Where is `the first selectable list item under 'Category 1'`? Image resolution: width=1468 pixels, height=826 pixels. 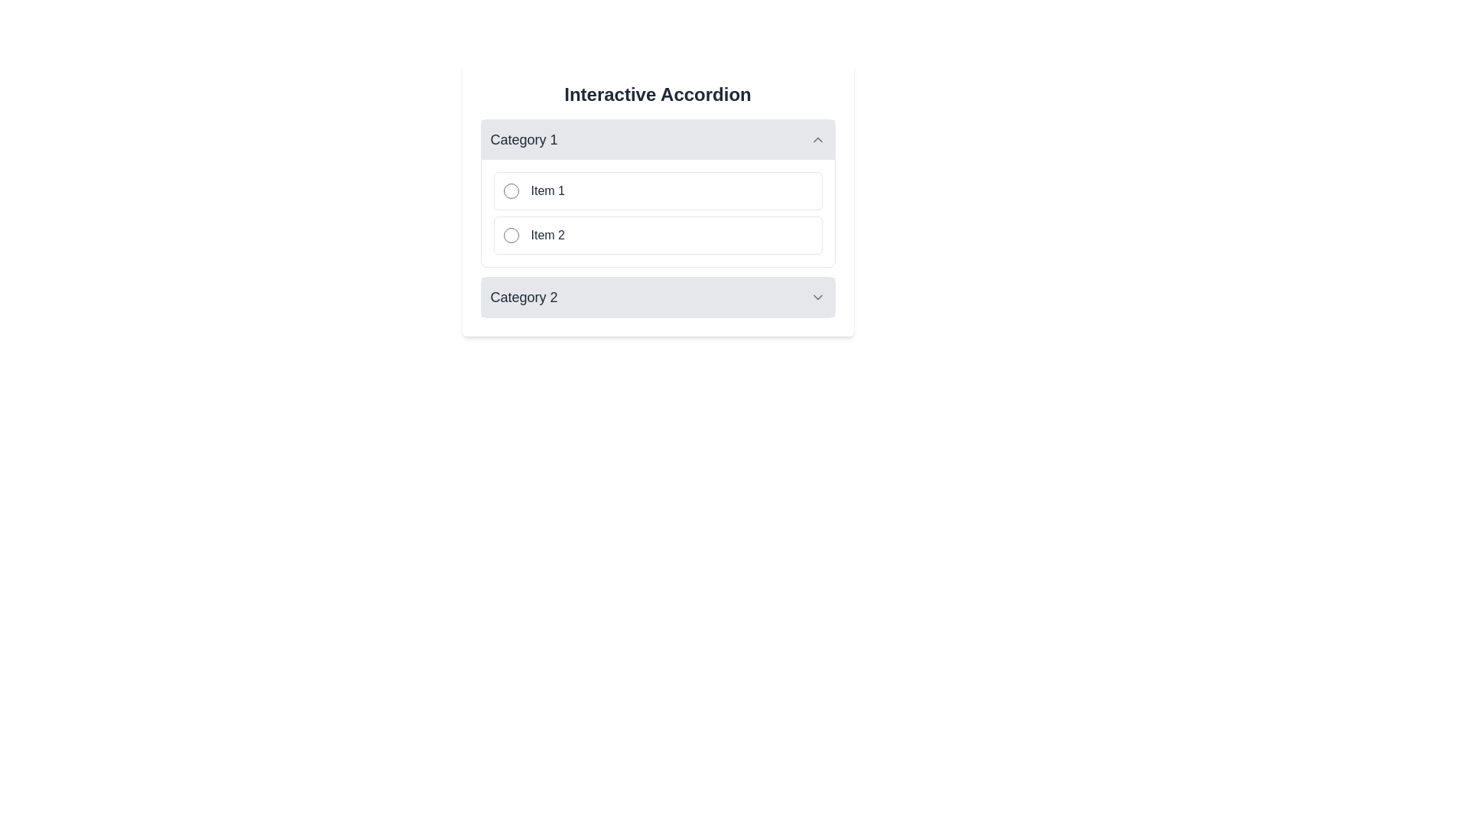 the first selectable list item under 'Category 1' is located at coordinates (658, 190).